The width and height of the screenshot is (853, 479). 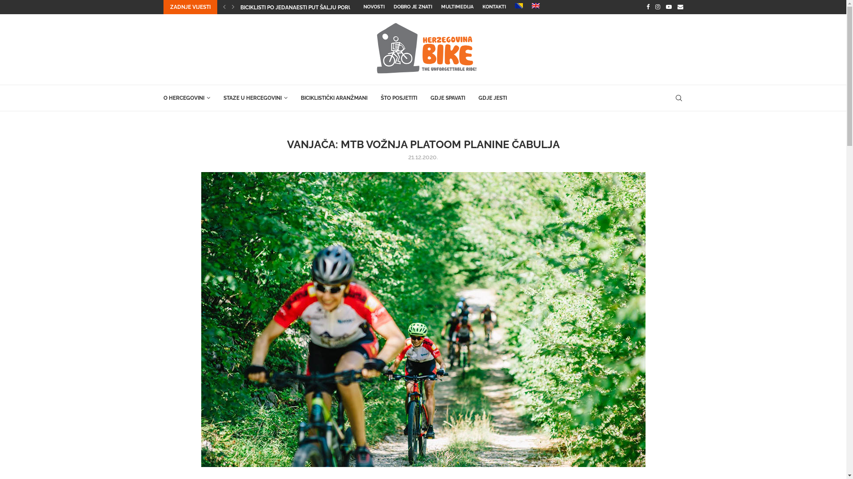 I want to click on 'STAZE U HERCEGOVINI', so click(x=255, y=98).